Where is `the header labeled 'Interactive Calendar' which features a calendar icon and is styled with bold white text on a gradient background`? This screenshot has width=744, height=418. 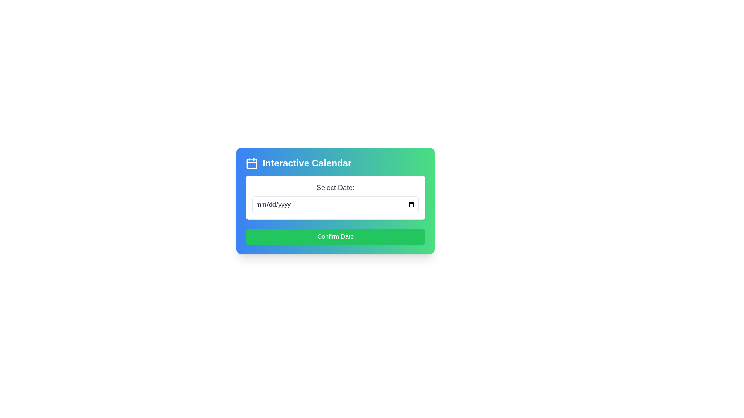
the header labeled 'Interactive Calendar' which features a calendar icon and is styled with bold white text on a gradient background is located at coordinates (335, 163).